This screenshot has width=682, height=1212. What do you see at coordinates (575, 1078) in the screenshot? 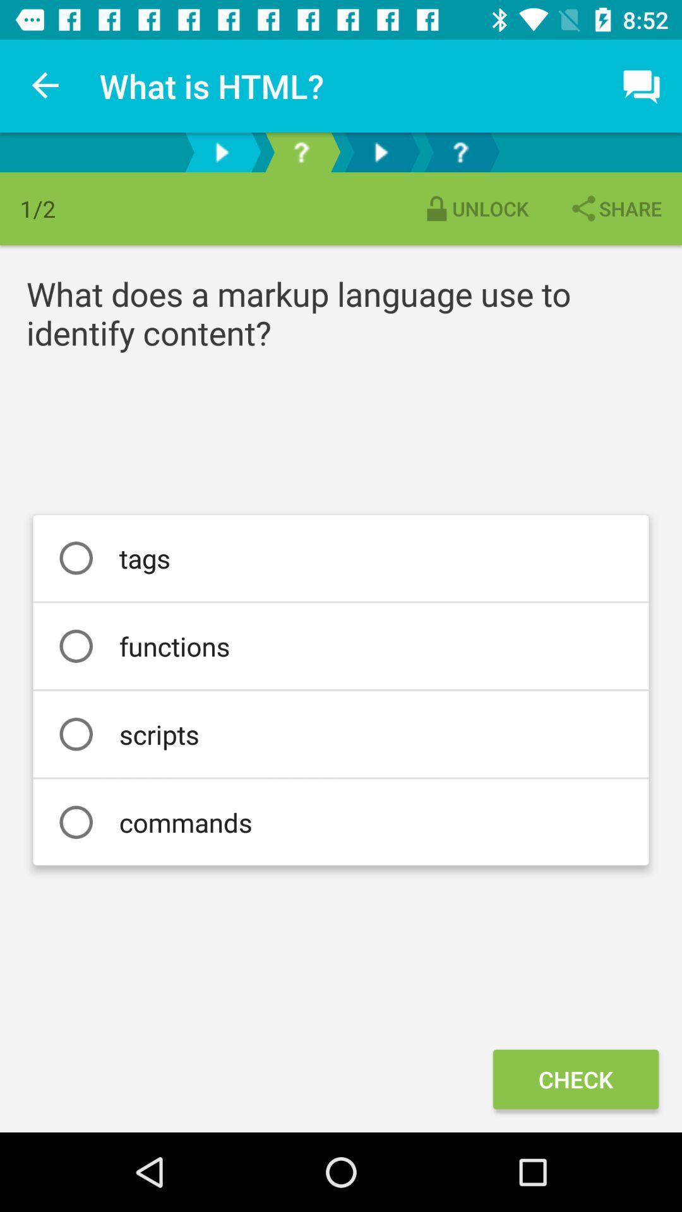
I see `the check item` at bounding box center [575, 1078].